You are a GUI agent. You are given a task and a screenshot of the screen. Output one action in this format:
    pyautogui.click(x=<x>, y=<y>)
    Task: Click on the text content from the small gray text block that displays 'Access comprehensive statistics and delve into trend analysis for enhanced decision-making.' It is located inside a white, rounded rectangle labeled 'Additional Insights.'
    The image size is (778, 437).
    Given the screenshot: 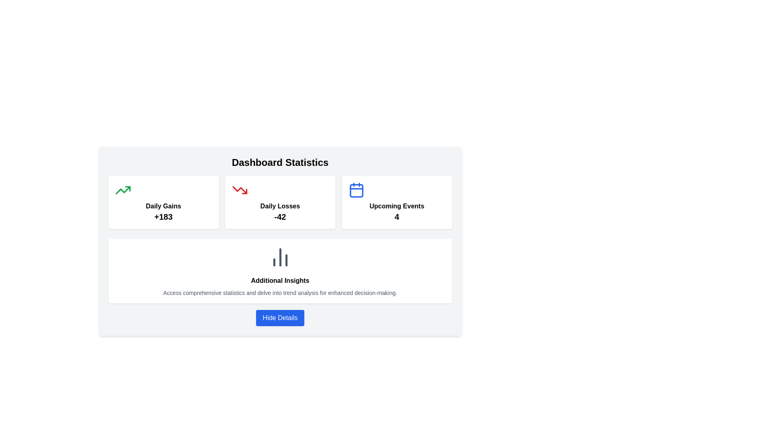 What is the action you would take?
    pyautogui.click(x=280, y=293)
    